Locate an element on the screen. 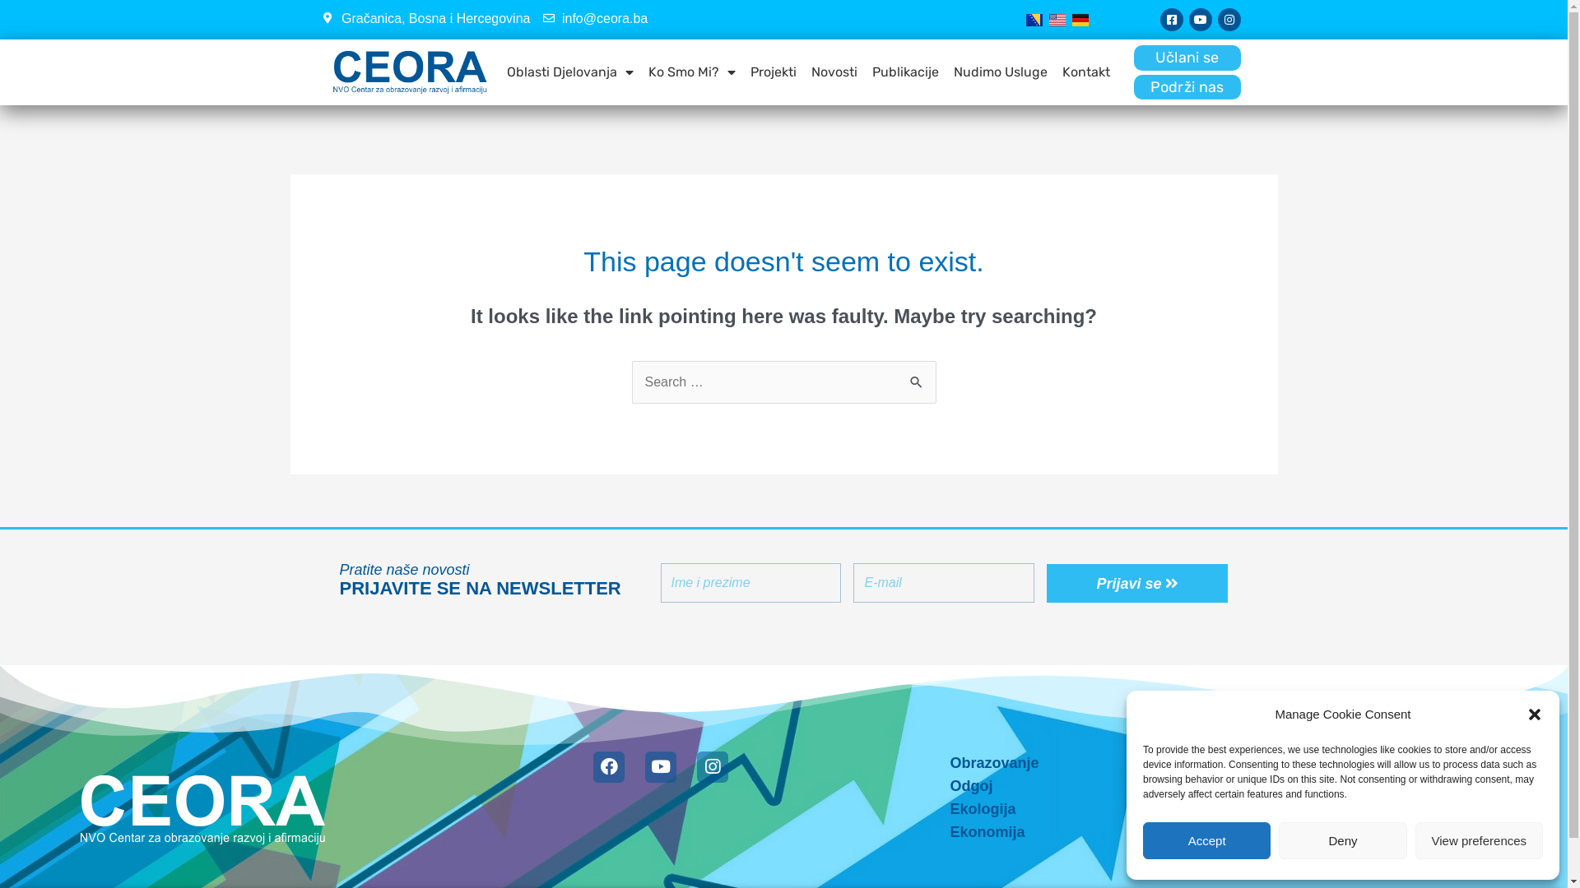 The image size is (1580, 888). 'View preferences' is located at coordinates (1479, 840).